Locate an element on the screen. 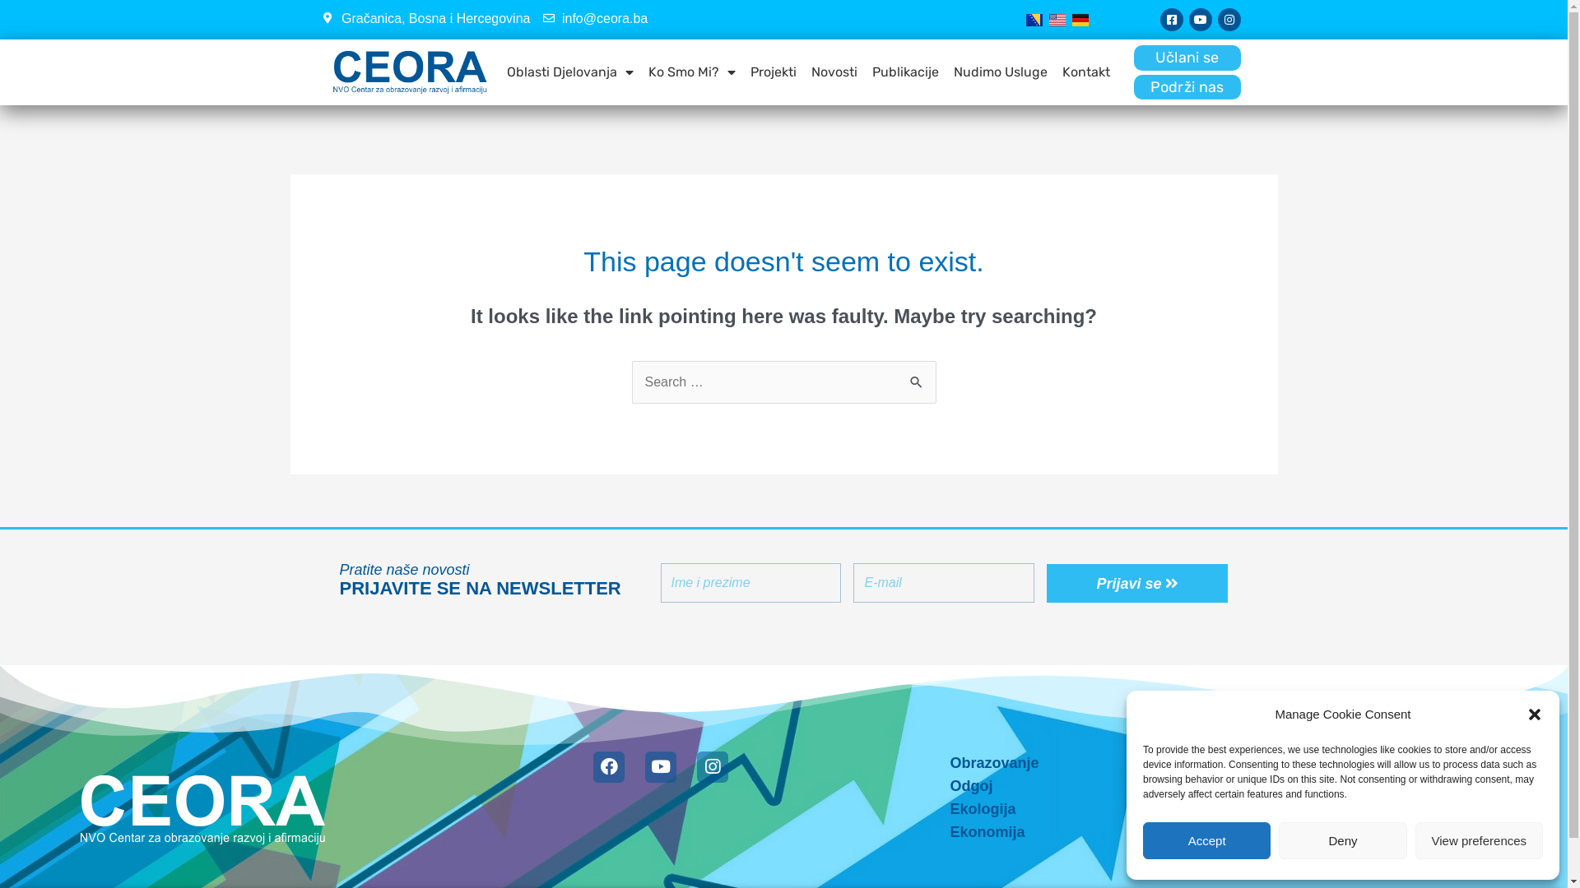 The image size is (1580, 888). 'View preferences' is located at coordinates (1479, 840).